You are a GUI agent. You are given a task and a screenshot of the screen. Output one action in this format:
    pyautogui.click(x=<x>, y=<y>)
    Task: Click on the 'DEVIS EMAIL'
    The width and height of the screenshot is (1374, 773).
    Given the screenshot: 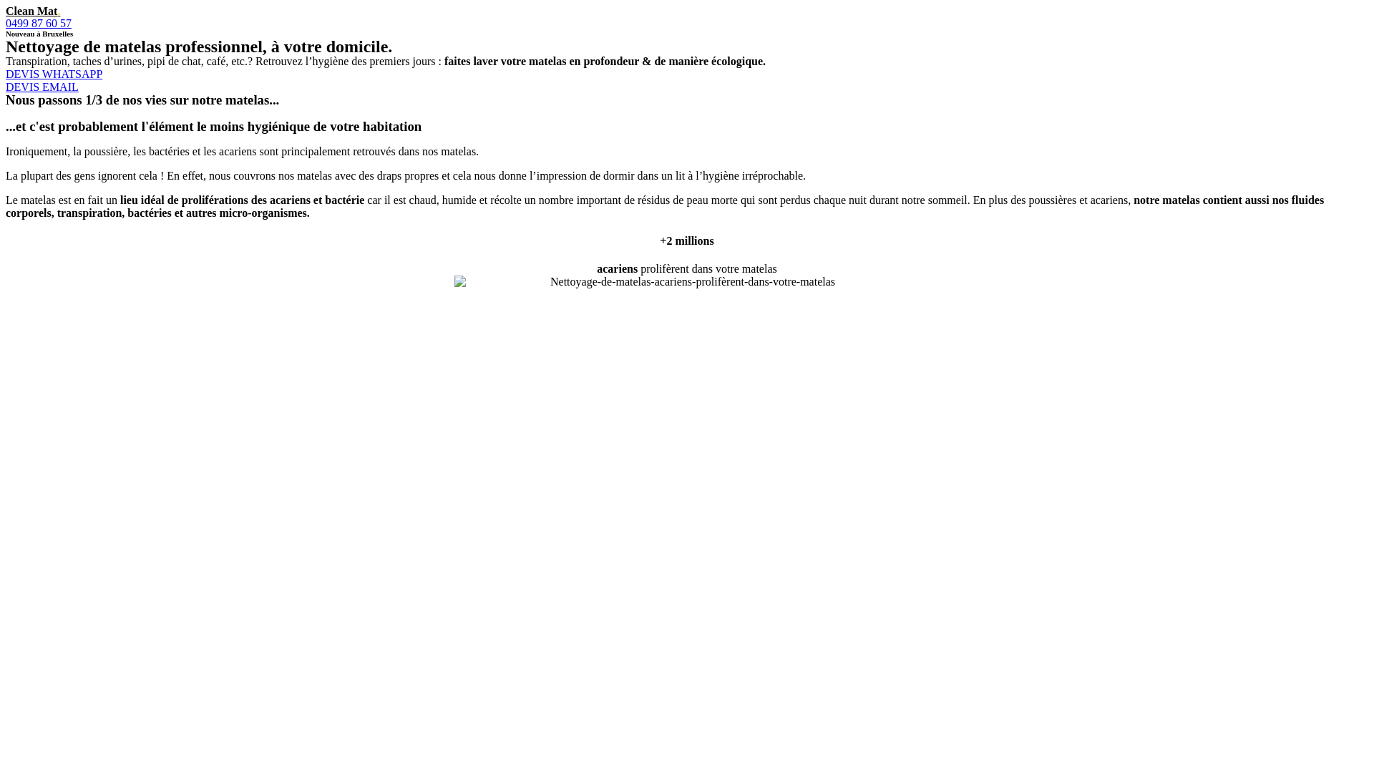 What is the action you would take?
    pyautogui.click(x=42, y=87)
    